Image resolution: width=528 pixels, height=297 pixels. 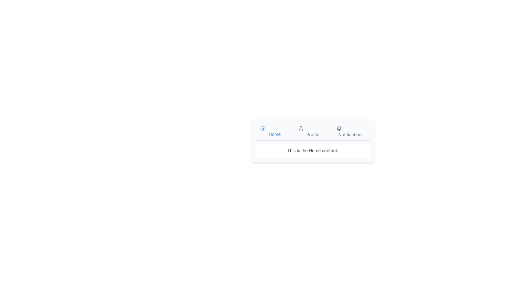 What do you see at coordinates (351, 134) in the screenshot?
I see `the 'Notifications' text label, which is a gray-colored label centered in the top-right quadrant of the menu bar, next to 'Home' and 'Profile'` at bounding box center [351, 134].